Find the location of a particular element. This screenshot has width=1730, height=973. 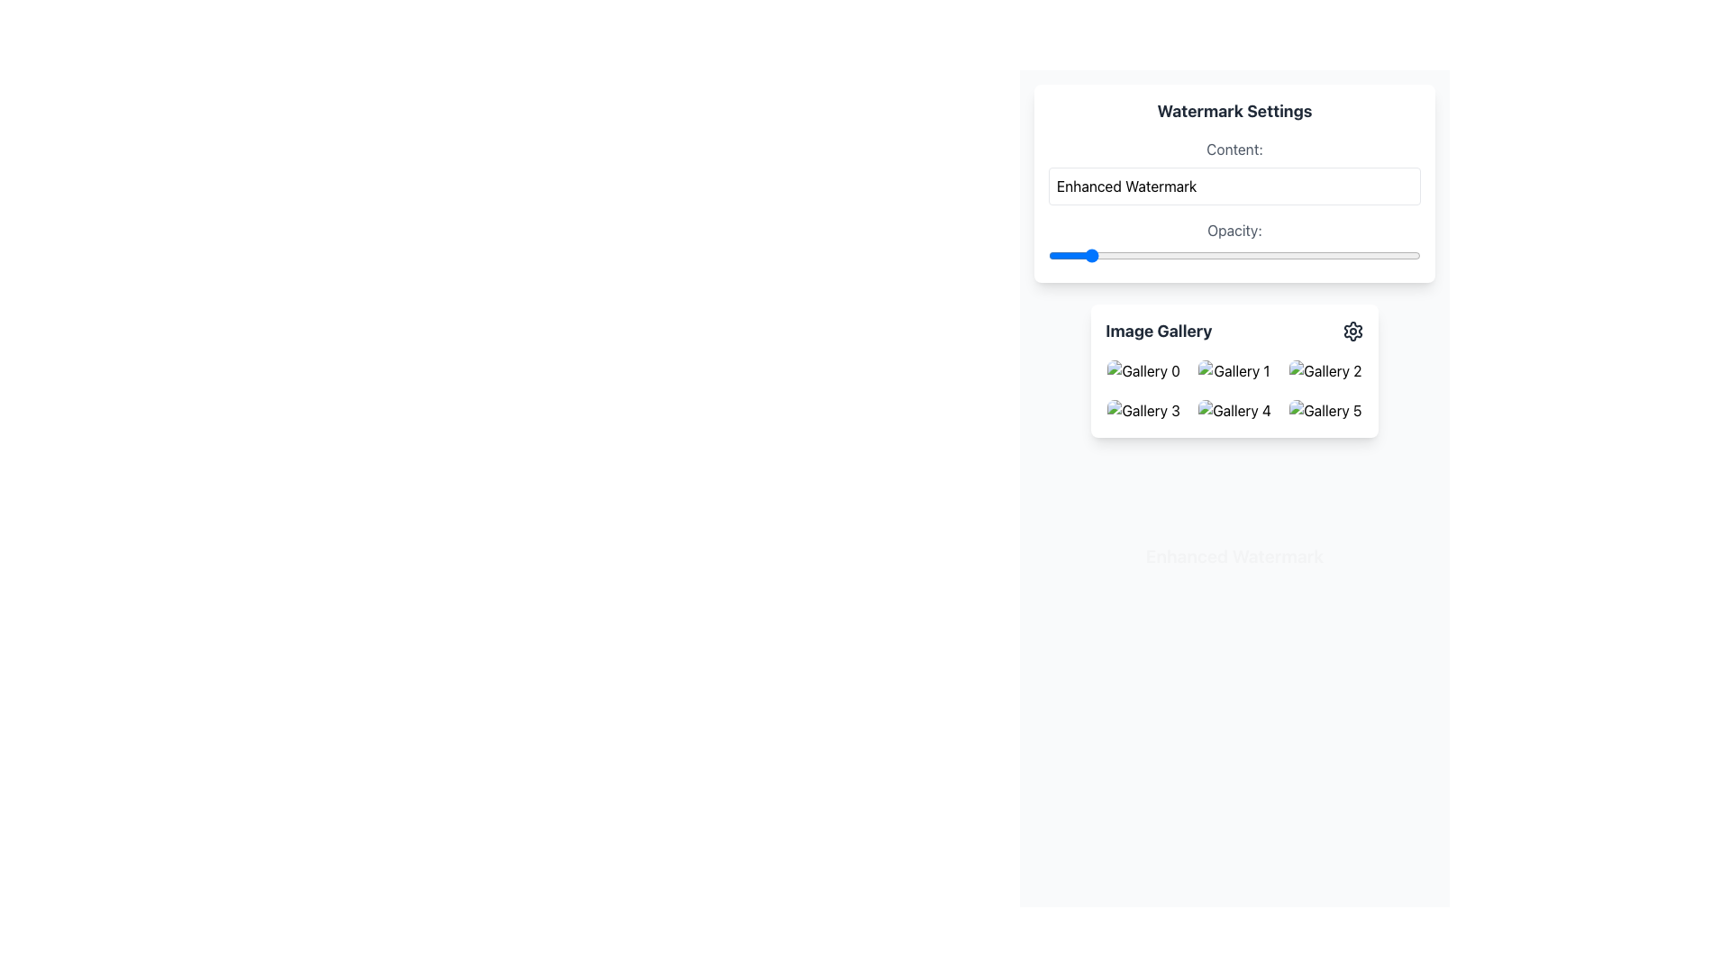

the first image thumbnail in the 'Image Gallery' section, which displays a generic landscape illustration and is labeled 'Gallery 0' is located at coordinates (1142, 370).